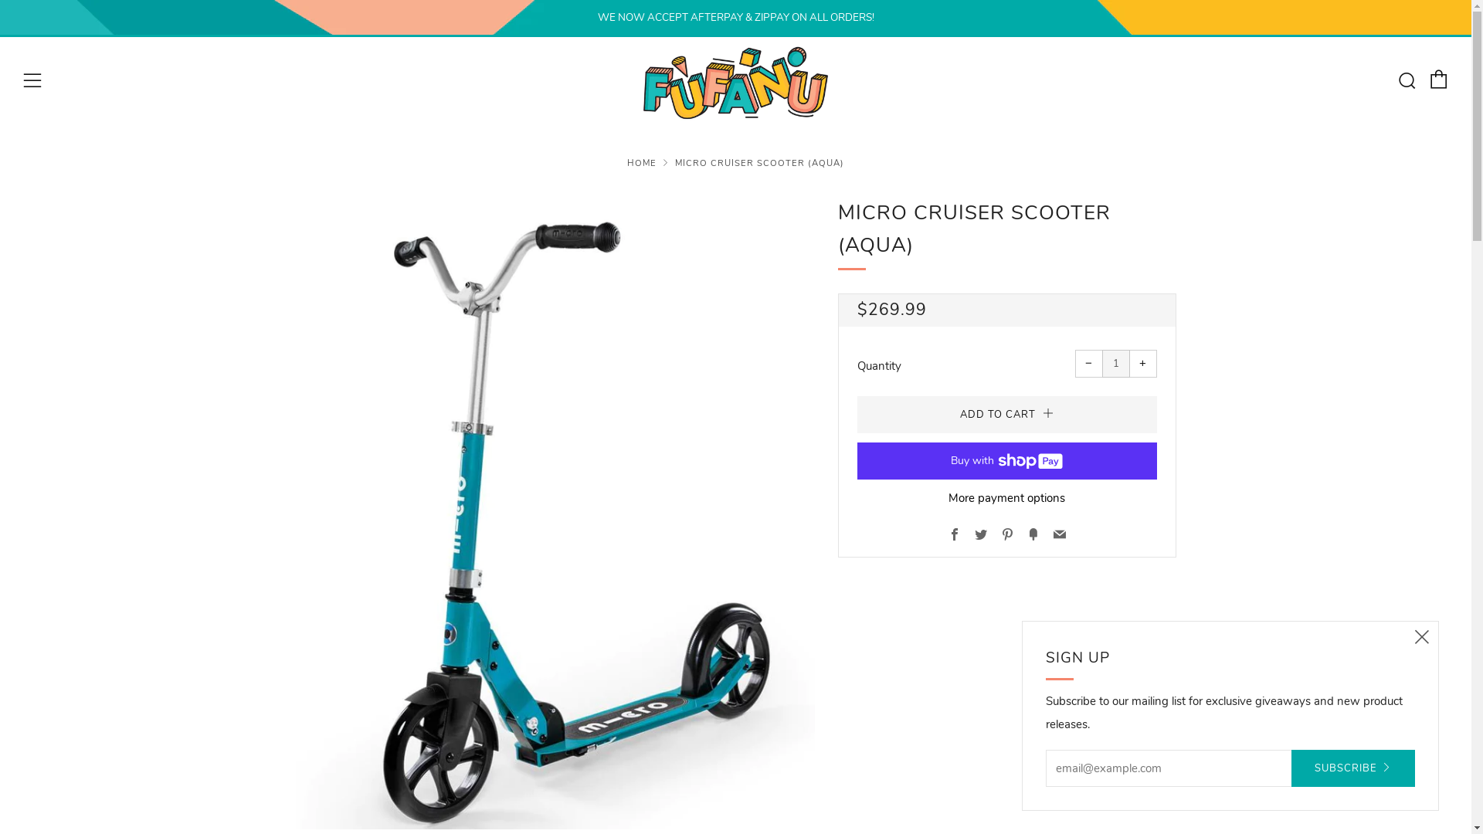  Describe the element at coordinates (1007, 535) in the screenshot. I see `'Pinterest'` at that location.